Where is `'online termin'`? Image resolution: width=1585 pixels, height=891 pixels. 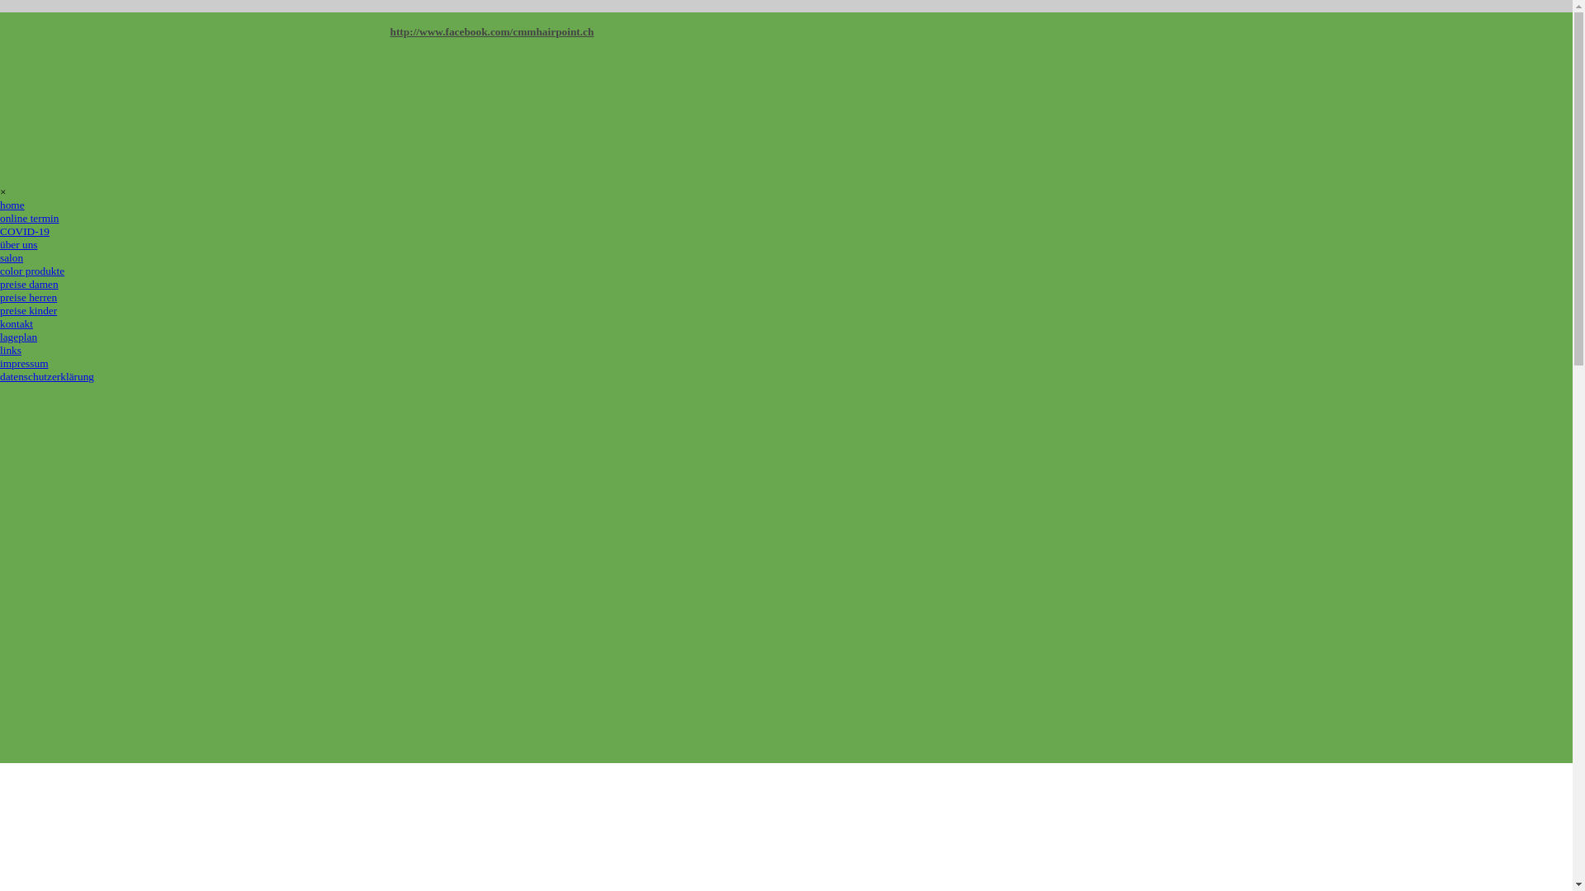
'online termin' is located at coordinates (29, 217).